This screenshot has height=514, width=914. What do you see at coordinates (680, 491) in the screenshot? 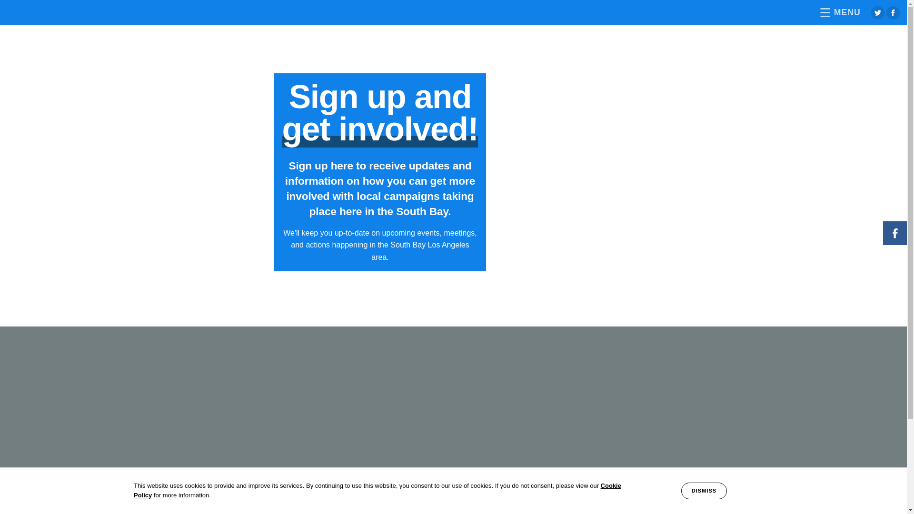
I see `'DISMISS'` at bounding box center [680, 491].